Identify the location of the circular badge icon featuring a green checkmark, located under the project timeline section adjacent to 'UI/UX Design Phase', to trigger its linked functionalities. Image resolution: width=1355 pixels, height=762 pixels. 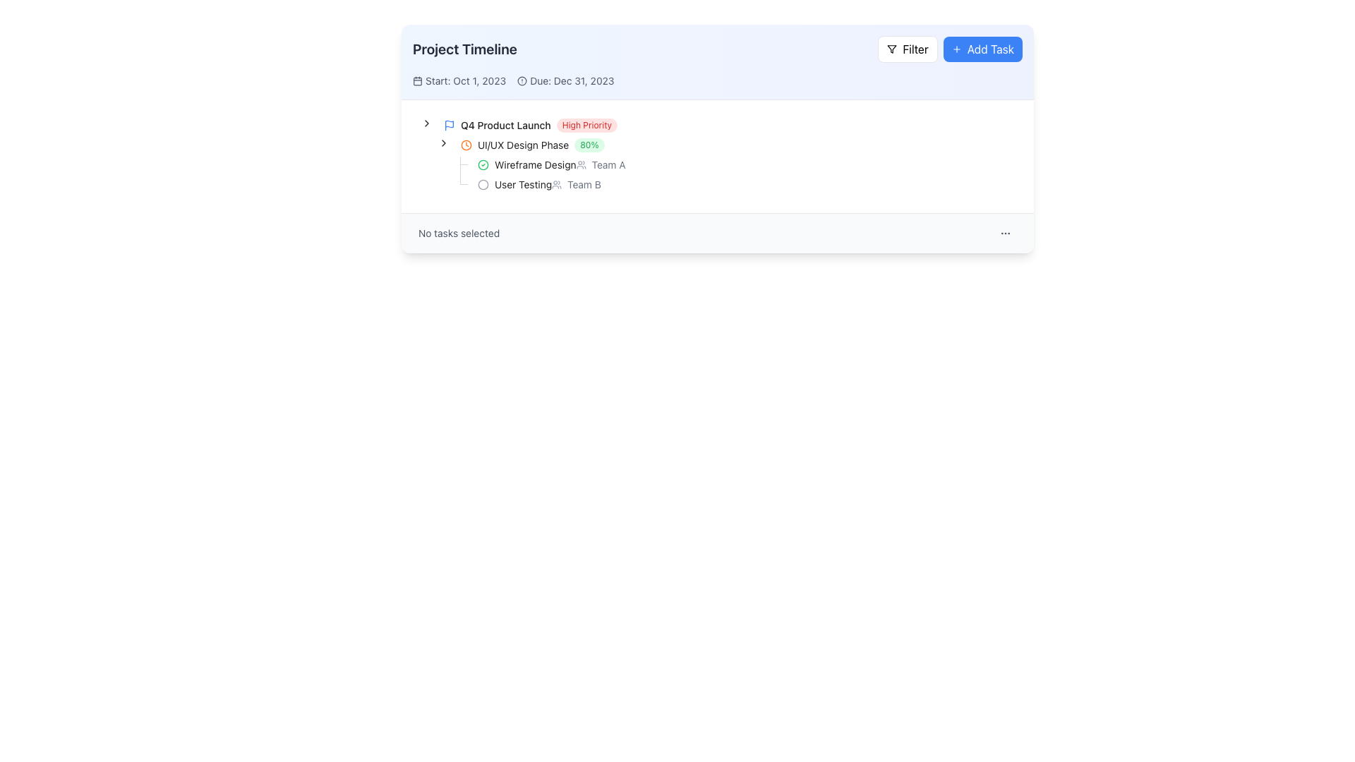
(483, 164).